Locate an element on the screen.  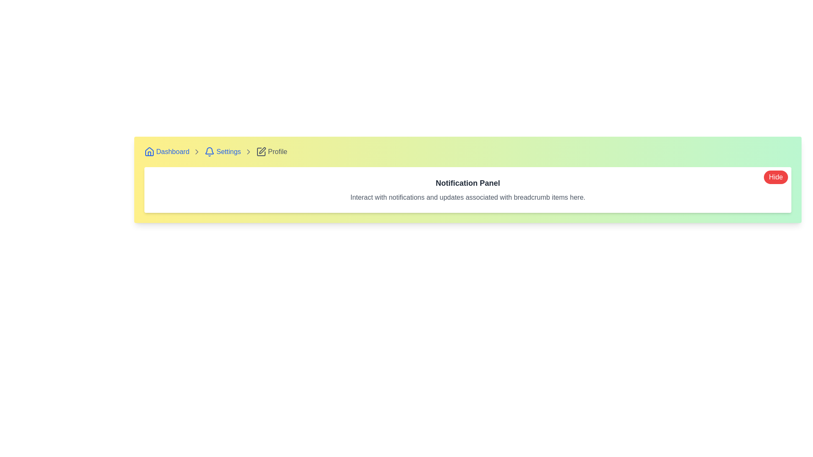
the chevron-shaped icon pointing to the right, which is styled in gray and located to the right of the 'Dashboard' label in the breadcrumb navigation bar is located at coordinates (196, 151).